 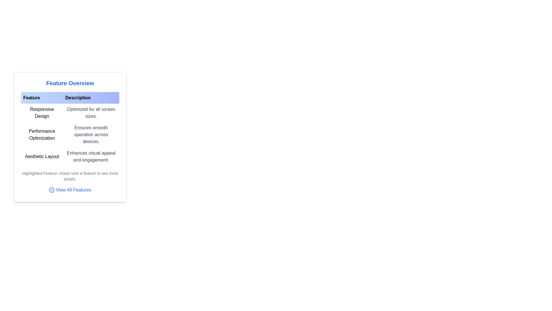 I want to click on the text label 'Aesthetic Layout', which is the third feature title under the 'Feature Overview' heading, aligned to the left of its description, so click(x=42, y=156).